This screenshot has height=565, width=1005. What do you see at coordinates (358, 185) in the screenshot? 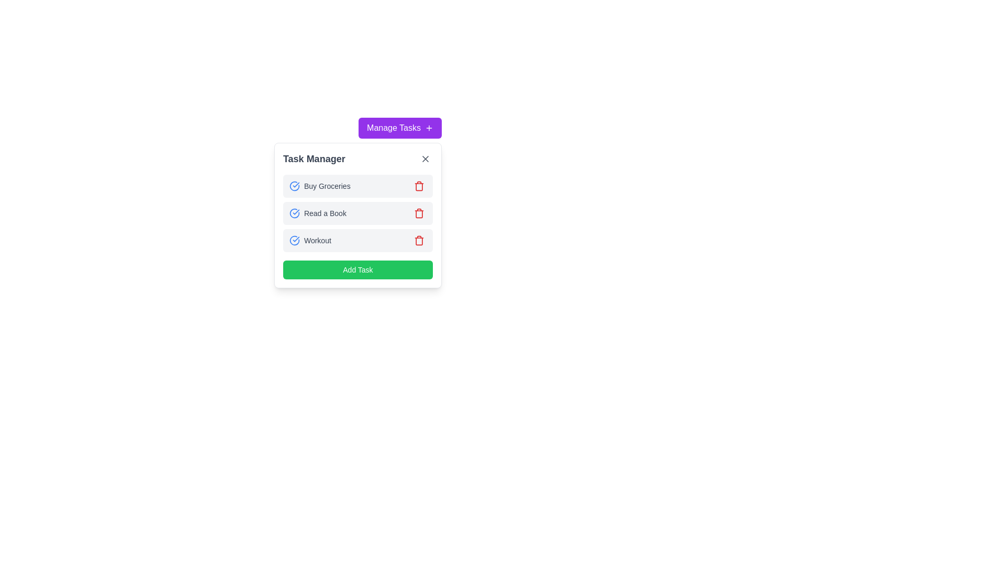
I see `the first task item row in the 'Task Manager'` at bounding box center [358, 185].